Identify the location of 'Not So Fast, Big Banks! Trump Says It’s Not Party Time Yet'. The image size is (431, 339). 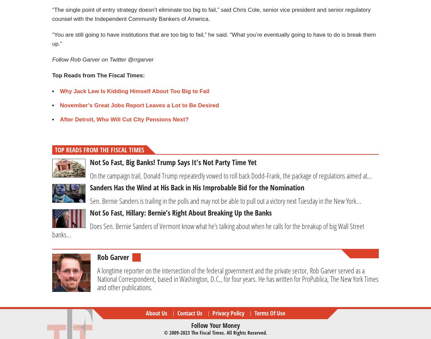
(90, 162).